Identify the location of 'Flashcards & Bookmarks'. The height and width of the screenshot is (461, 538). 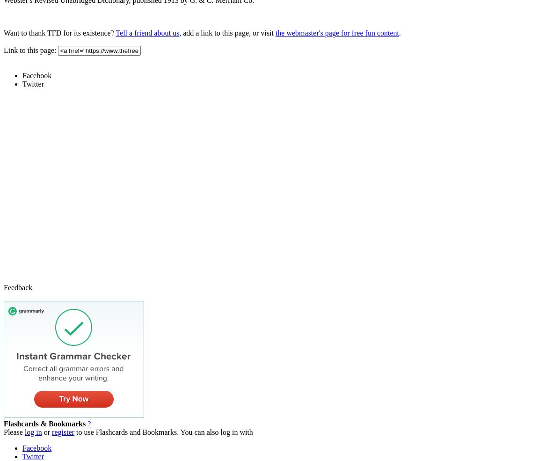
(44, 423).